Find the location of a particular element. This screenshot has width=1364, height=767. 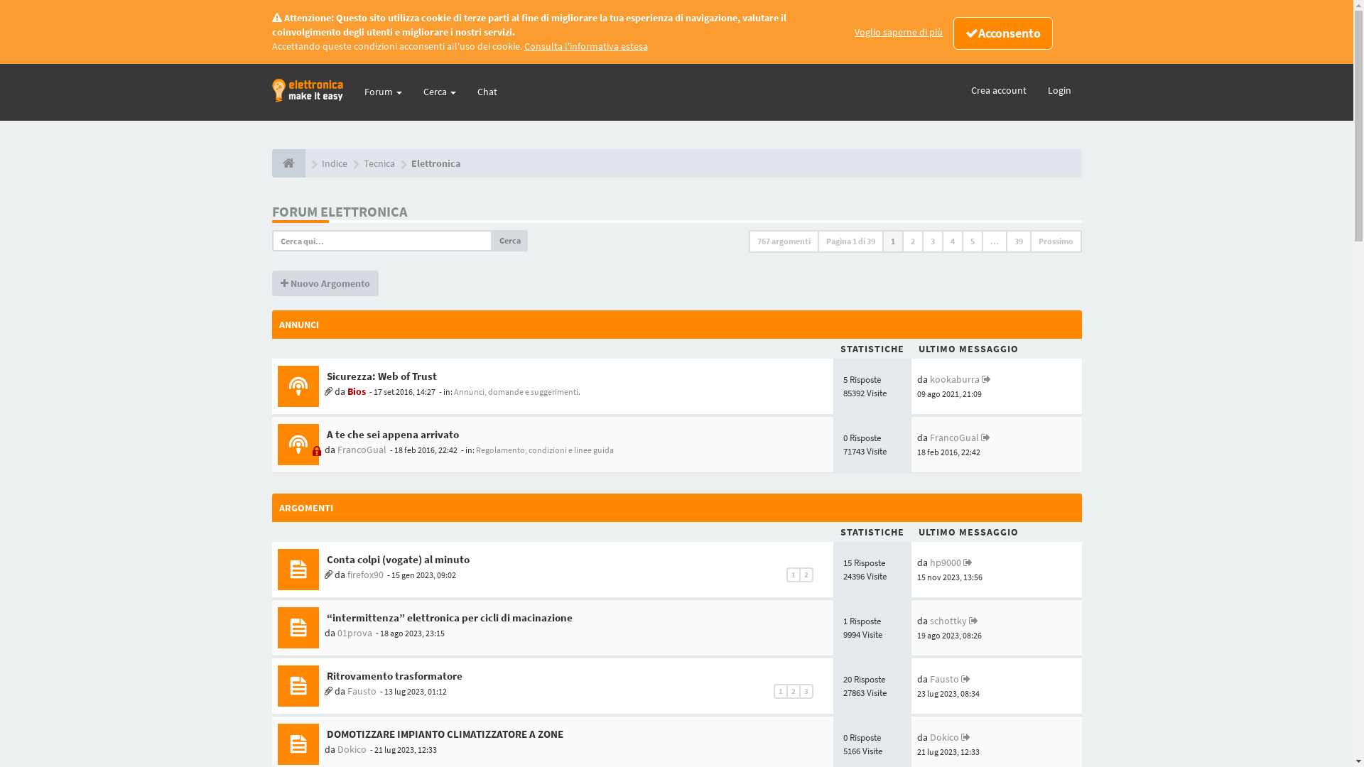

'Chat' is located at coordinates (487, 91).